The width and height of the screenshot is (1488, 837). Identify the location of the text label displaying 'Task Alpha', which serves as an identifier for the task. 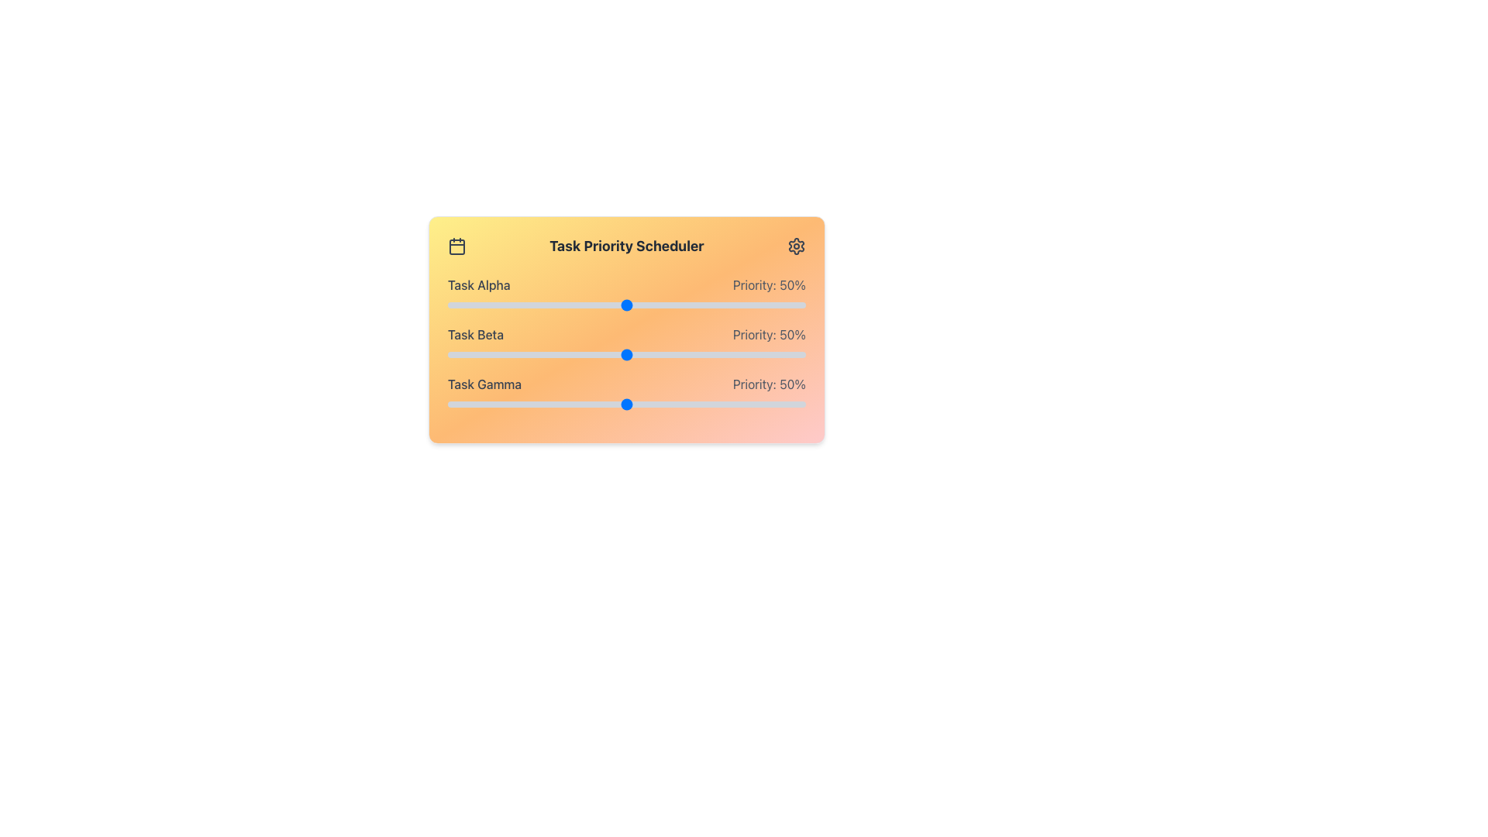
(478, 284).